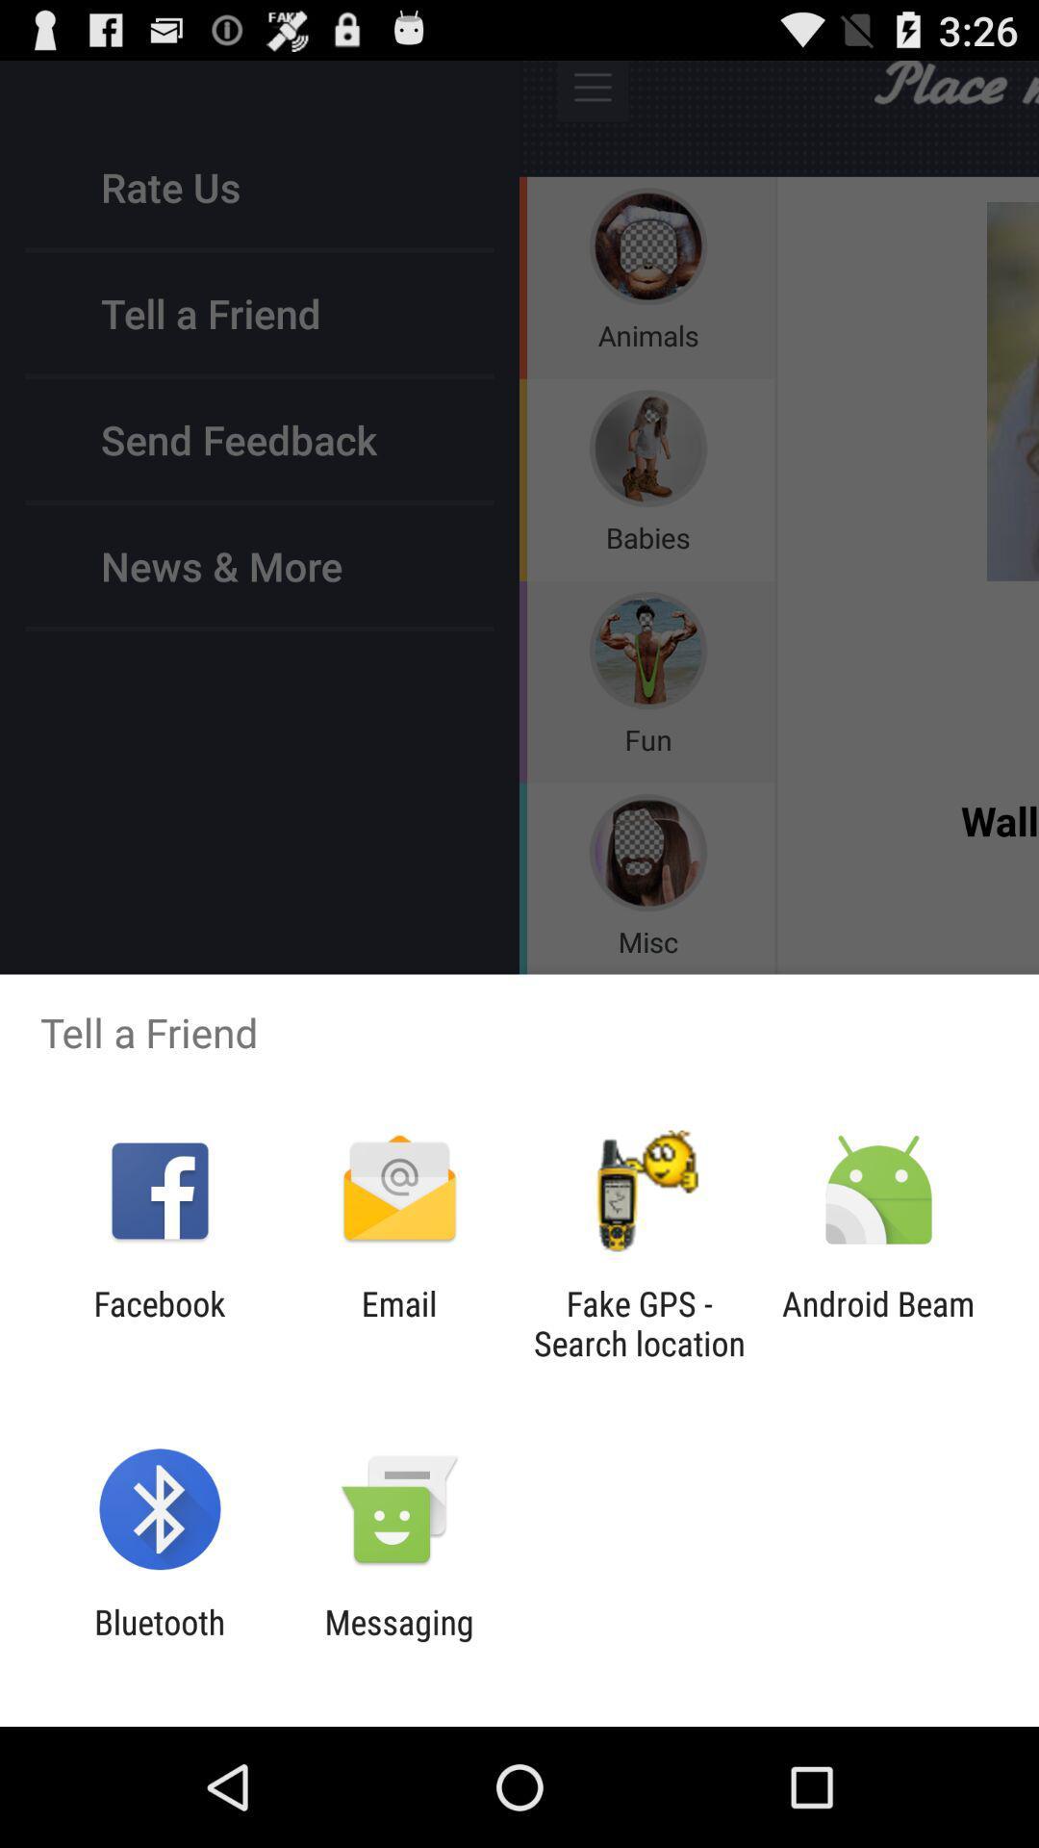 This screenshot has height=1848, width=1039. What do you see at coordinates (398, 1322) in the screenshot?
I see `the item next to the facebook` at bounding box center [398, 1322].